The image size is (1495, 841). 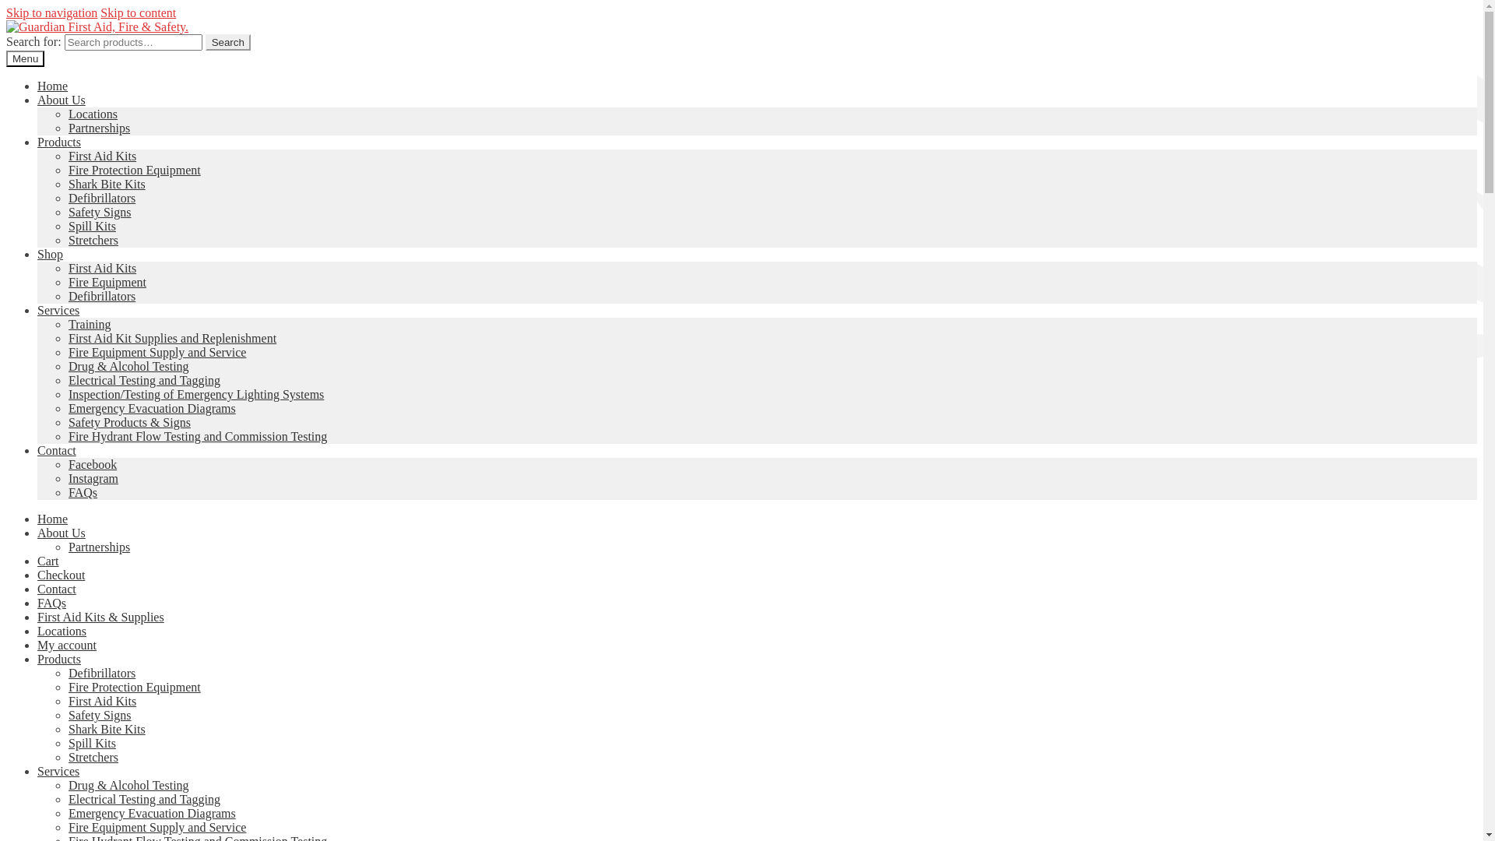 What do you see at coordinates (157, 826) in the screenshot?
I see `'Fire Equipment Supply and Service'` at bounding box center [157, 826].